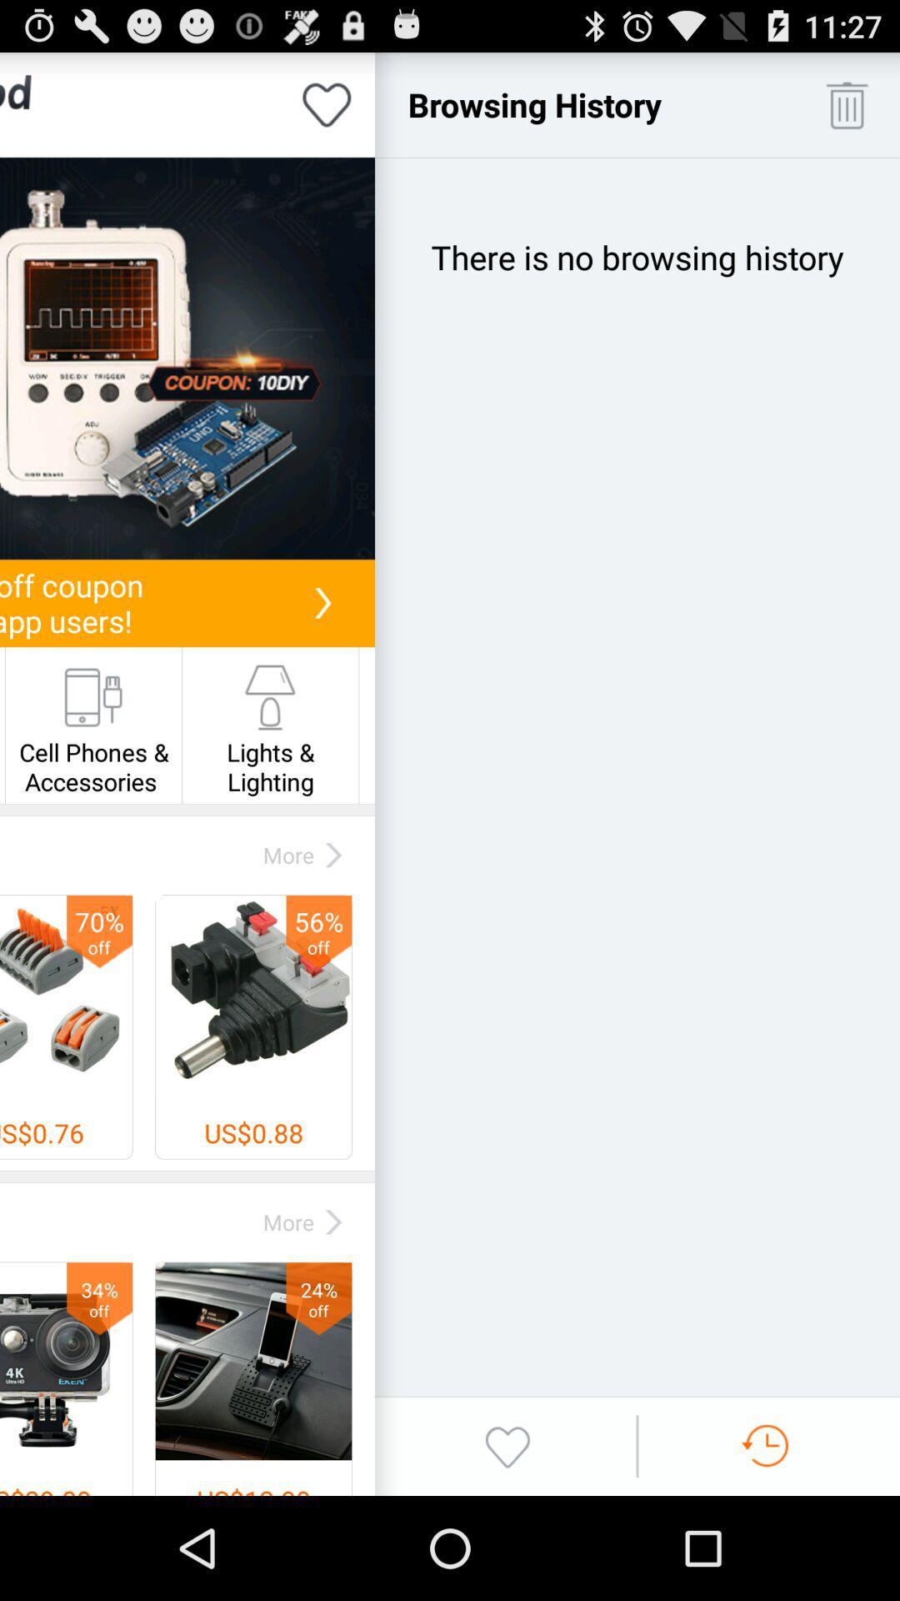 The image size is (900, 1601). Describe the element at coordinates (847, 103) in the screenshot. I see `trash history` at that location.